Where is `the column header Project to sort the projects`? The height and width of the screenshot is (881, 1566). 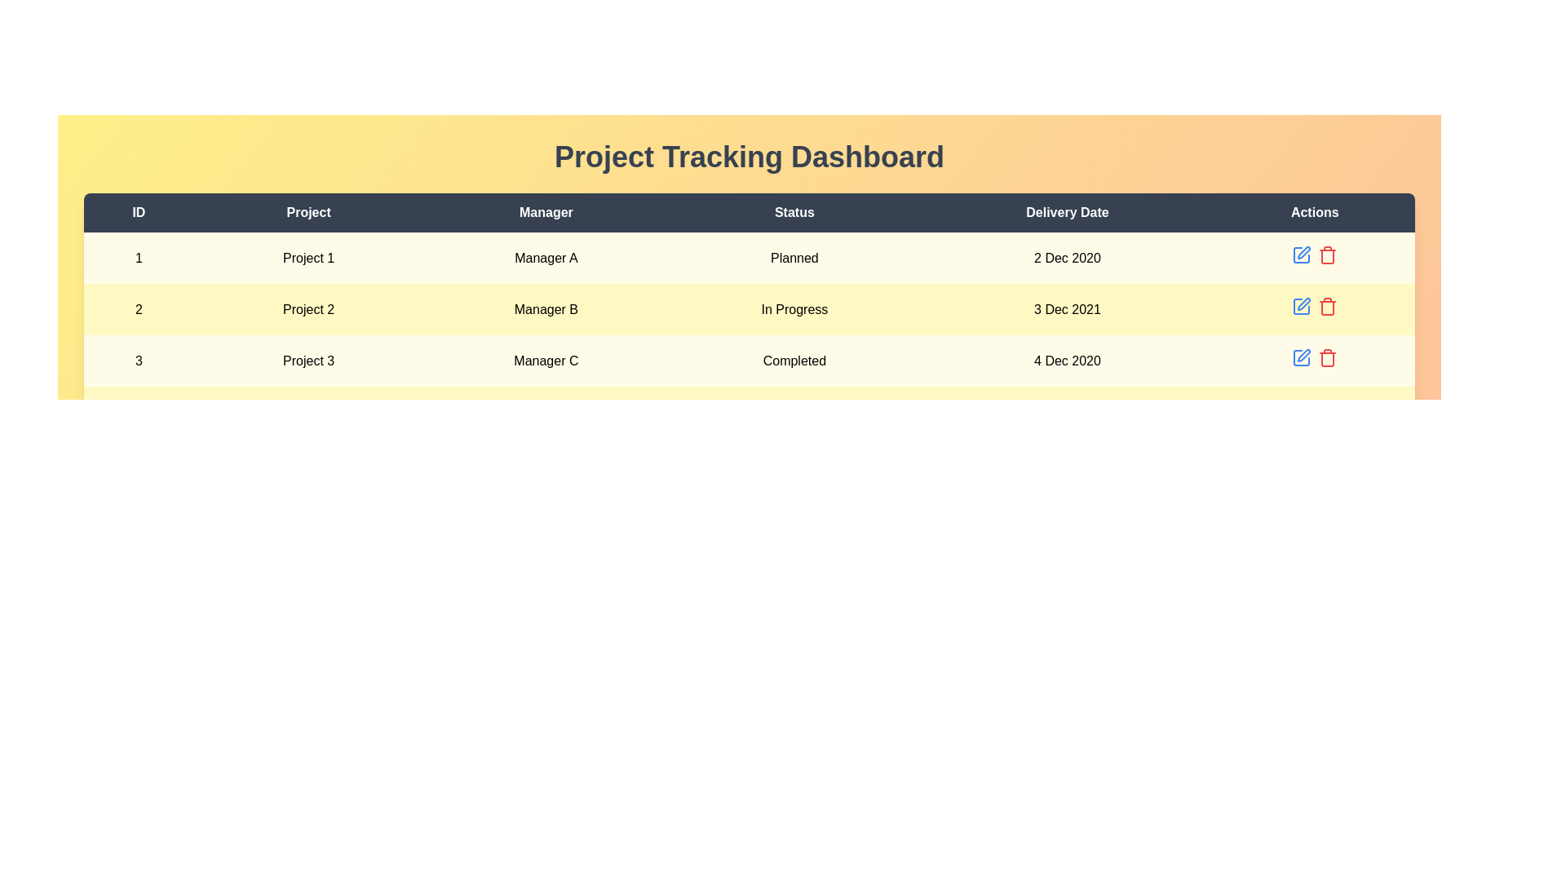
the column header Project to sort the projects is located at coordinates (308, 212).